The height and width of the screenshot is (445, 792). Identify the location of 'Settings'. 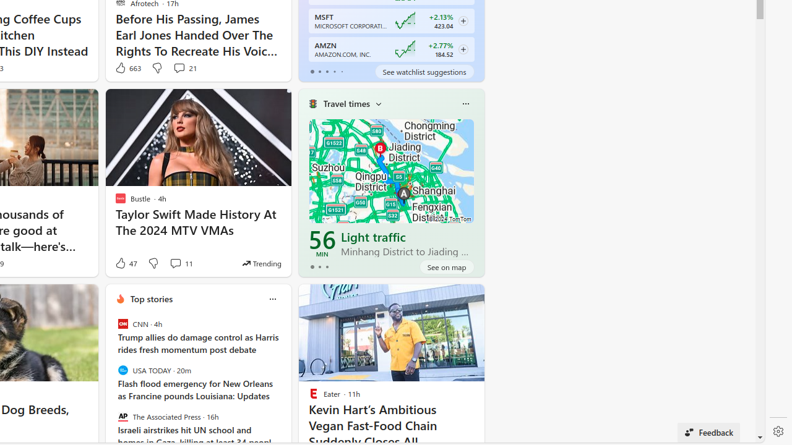
(777, 430).